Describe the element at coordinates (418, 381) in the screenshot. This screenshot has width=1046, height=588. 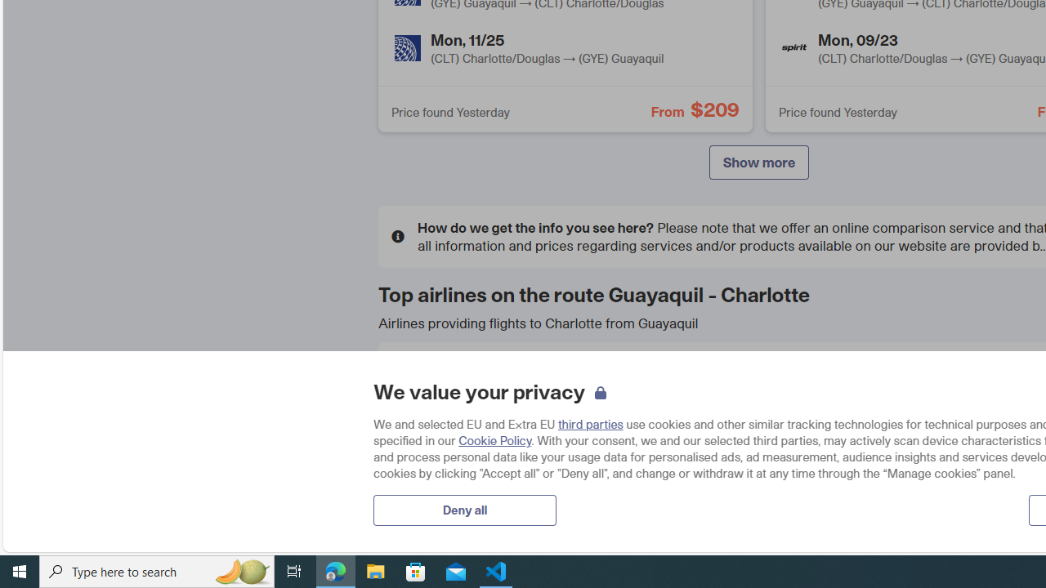
I see `'American Airlines'` at that location.